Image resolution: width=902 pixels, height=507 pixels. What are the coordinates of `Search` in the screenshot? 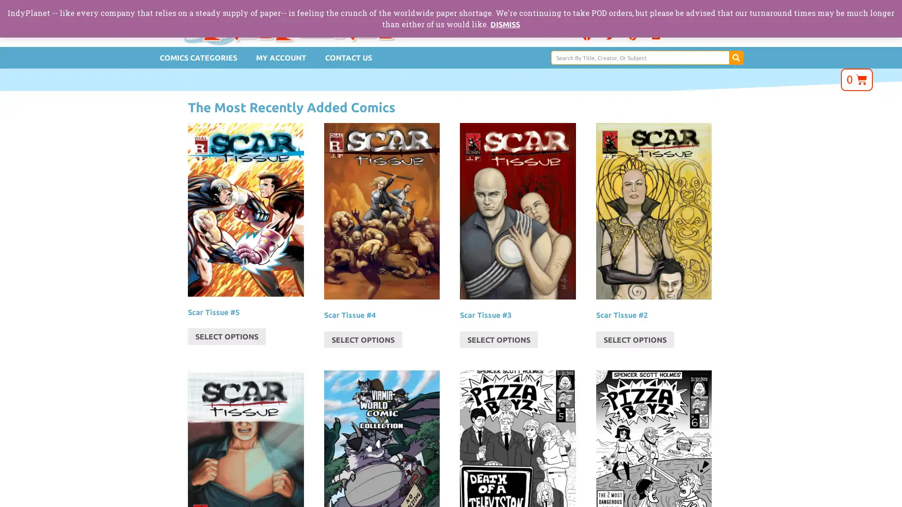 It's located at (735, 58).